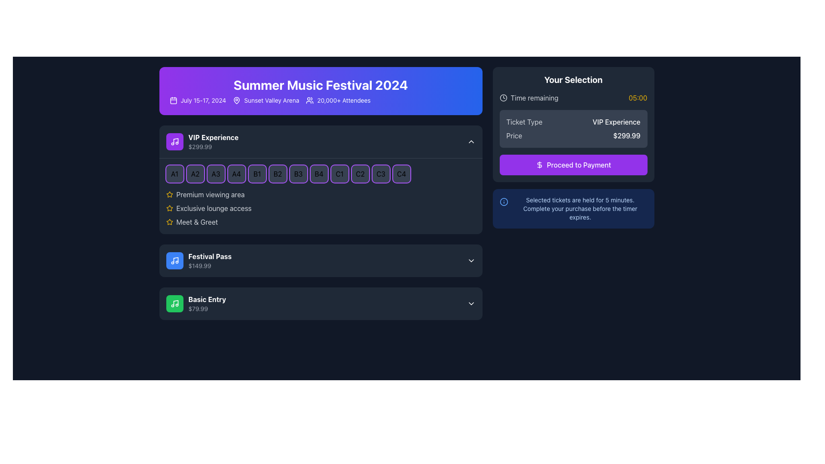  What do you see at coordinates (196, 303) in the screenshot?
I see `the 'Basic Entry' ticket option priced at $79.99, which is the last ticket option in the list below the 'Festival Pass' option` at bounding box center [196, 303].